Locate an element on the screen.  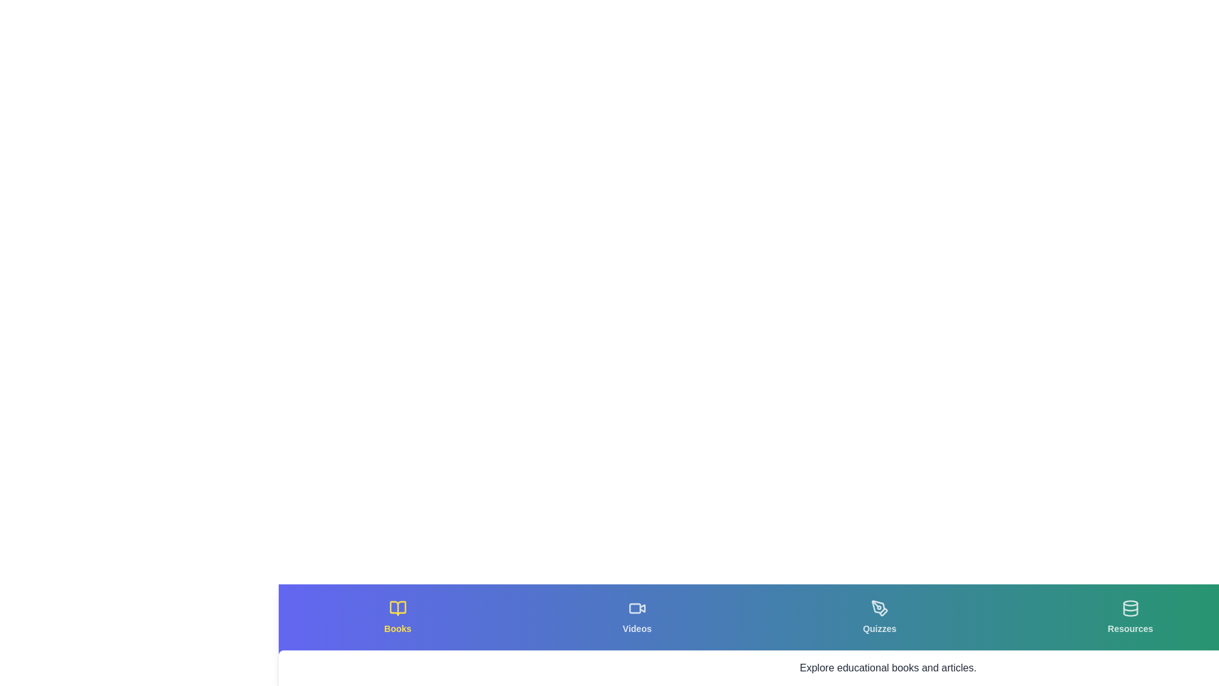
the tab icon labeled Resources to observe its visual feedback is located at coordinates (1130, 617).